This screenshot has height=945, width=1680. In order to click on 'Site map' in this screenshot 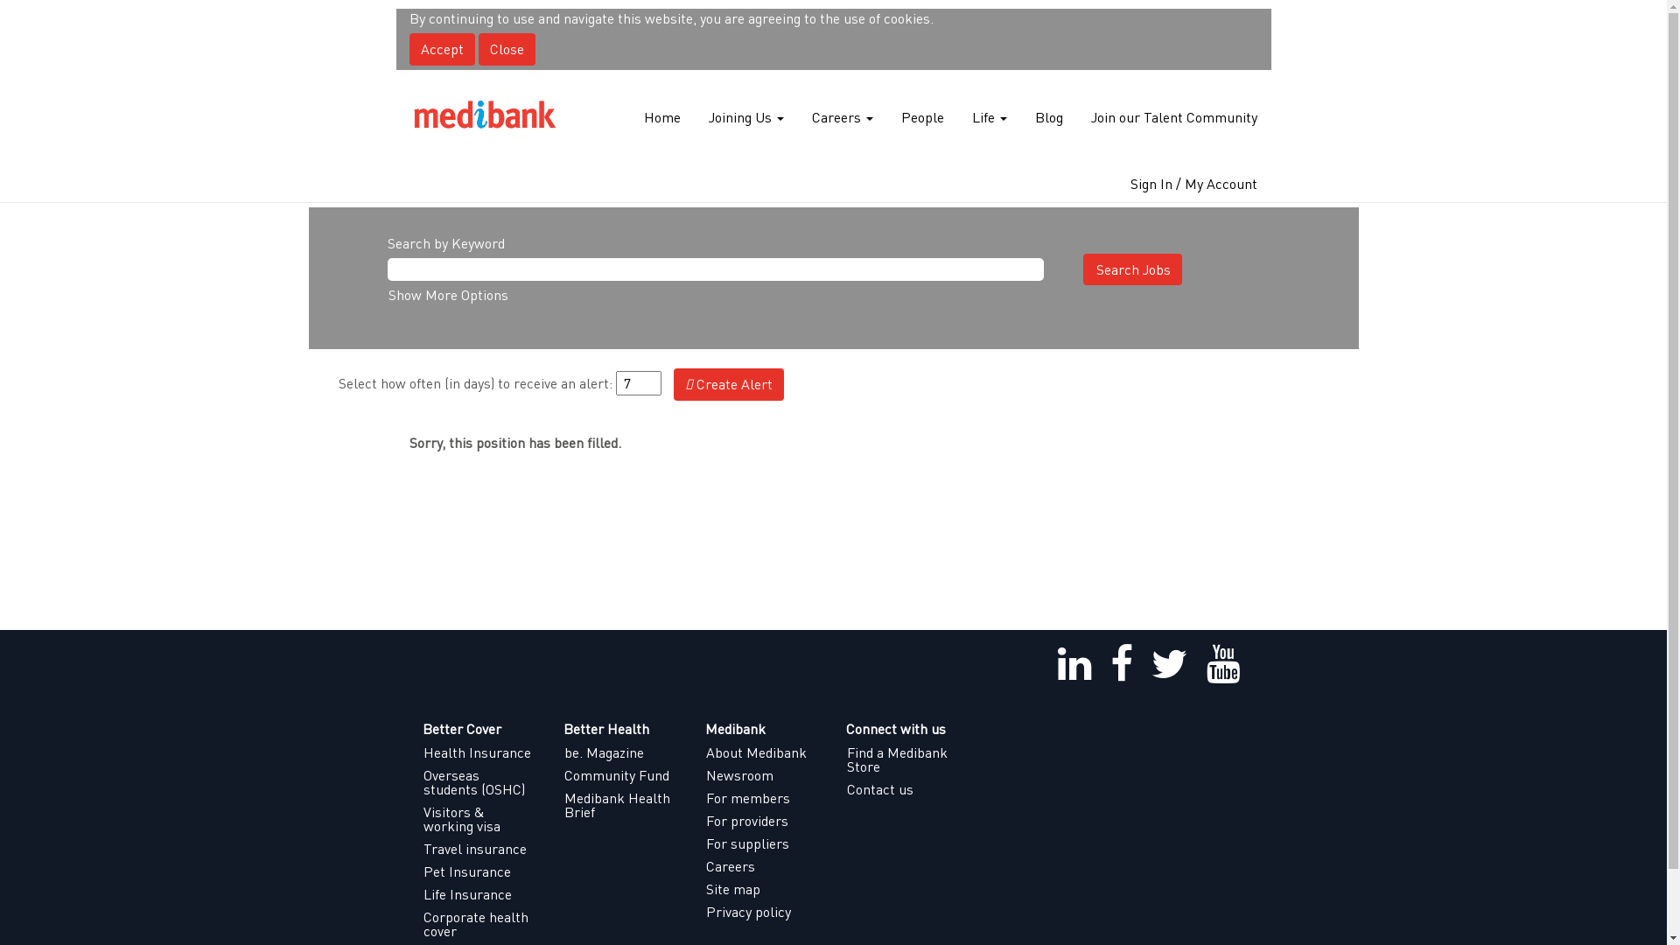, I will do `click(763, 888)`.